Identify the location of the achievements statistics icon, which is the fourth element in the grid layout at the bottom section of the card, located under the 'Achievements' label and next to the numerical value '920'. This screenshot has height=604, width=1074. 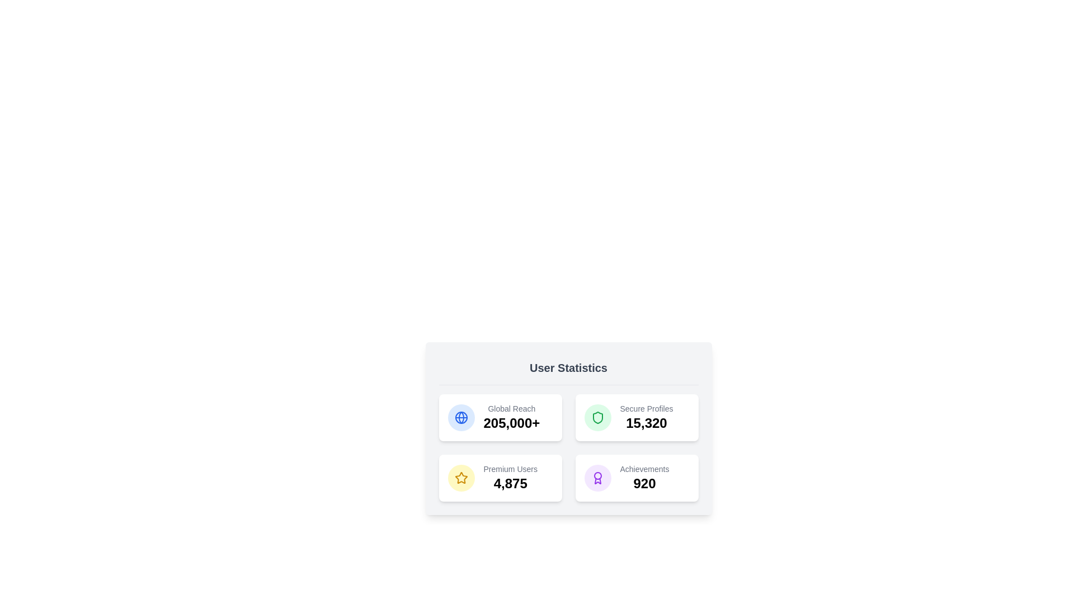
(597, 478).